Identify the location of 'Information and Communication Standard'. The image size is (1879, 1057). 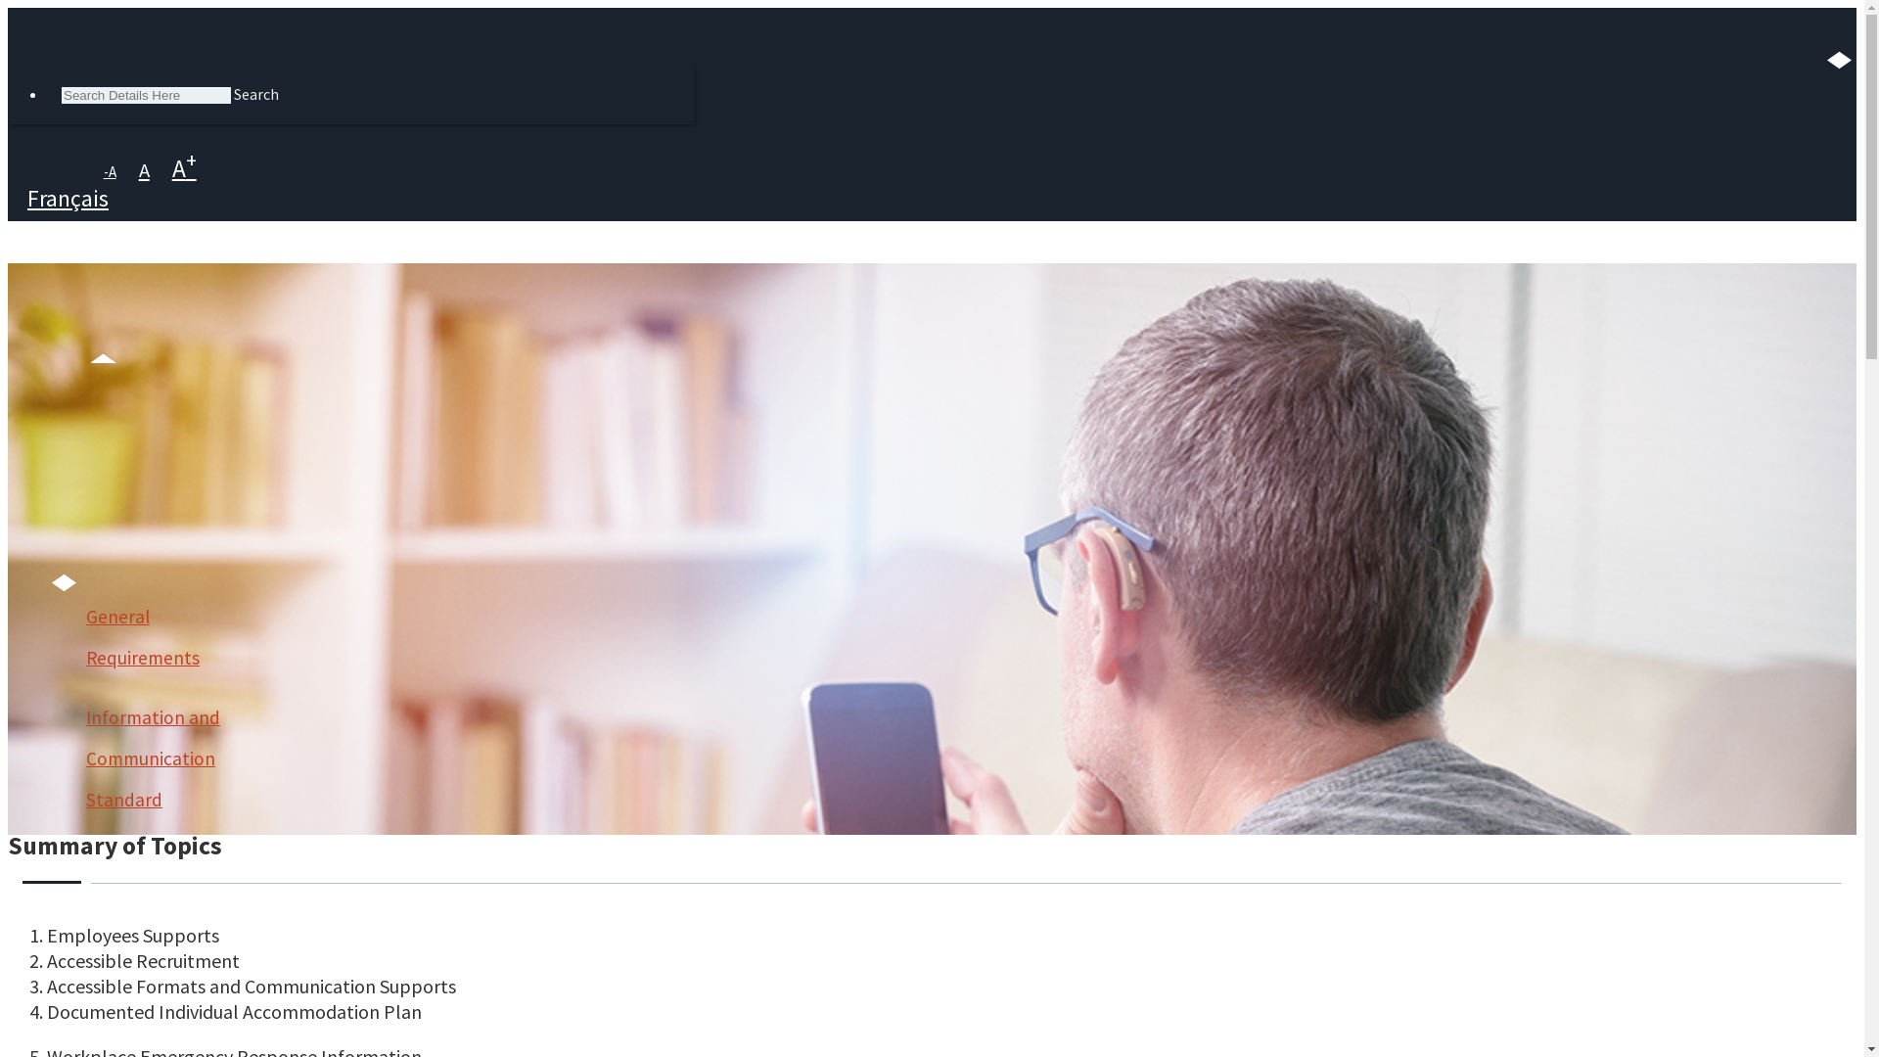
(84, 758).